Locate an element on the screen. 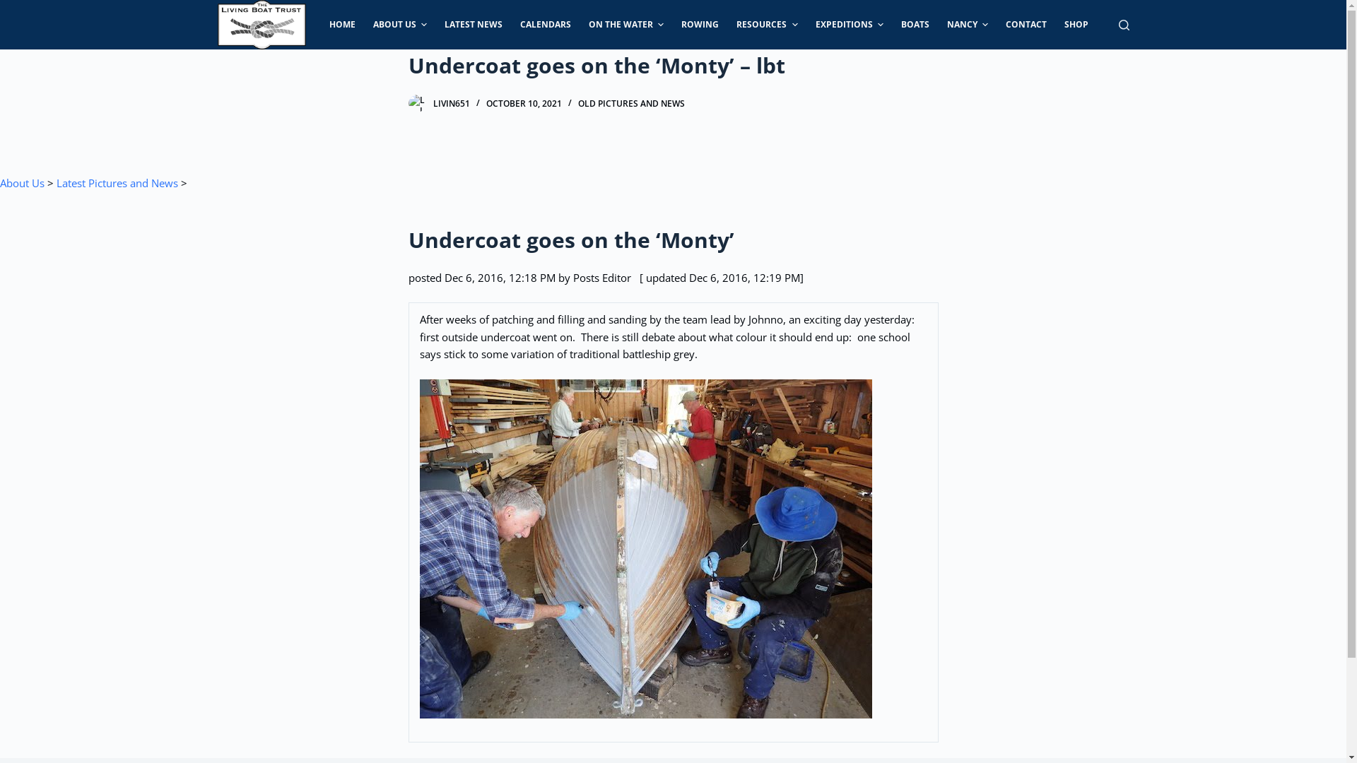 Image resolution: width=1357 pixels, height=763 pixels. 'LATEST NEWS' is located at coordinates (473, 24).